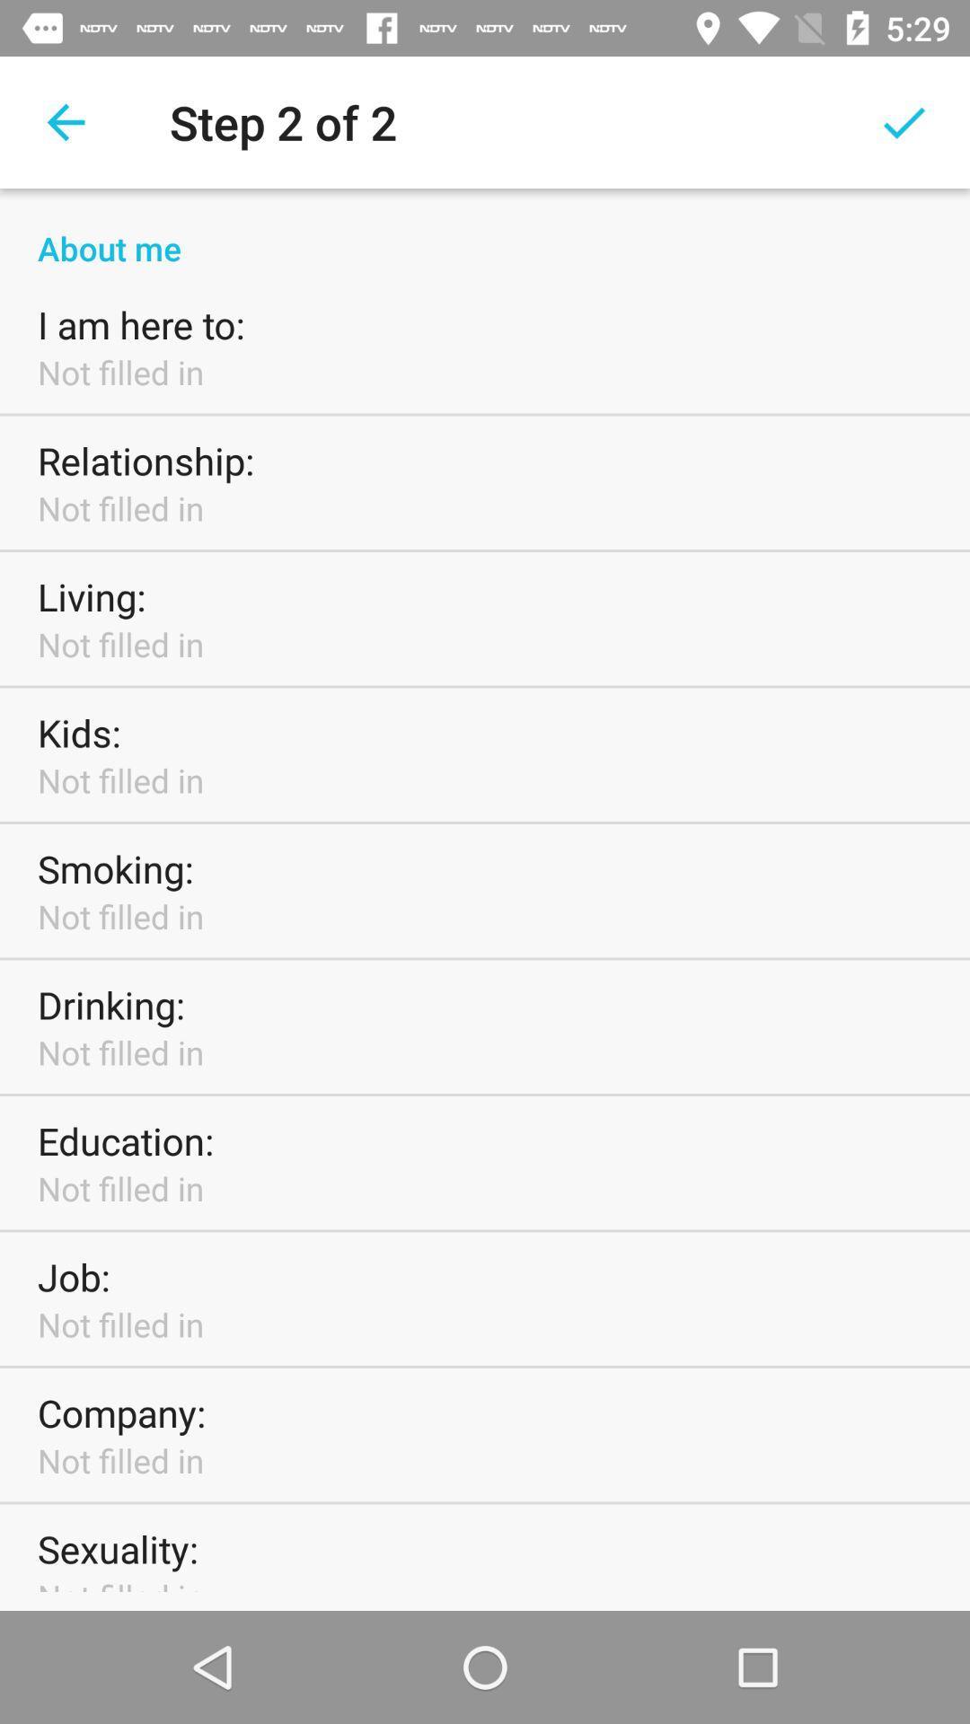  What do you see at coordinates (904, 121) in the screenshot?
I see `the item to the right of the step 2 of` at bounding box center [904, 121].